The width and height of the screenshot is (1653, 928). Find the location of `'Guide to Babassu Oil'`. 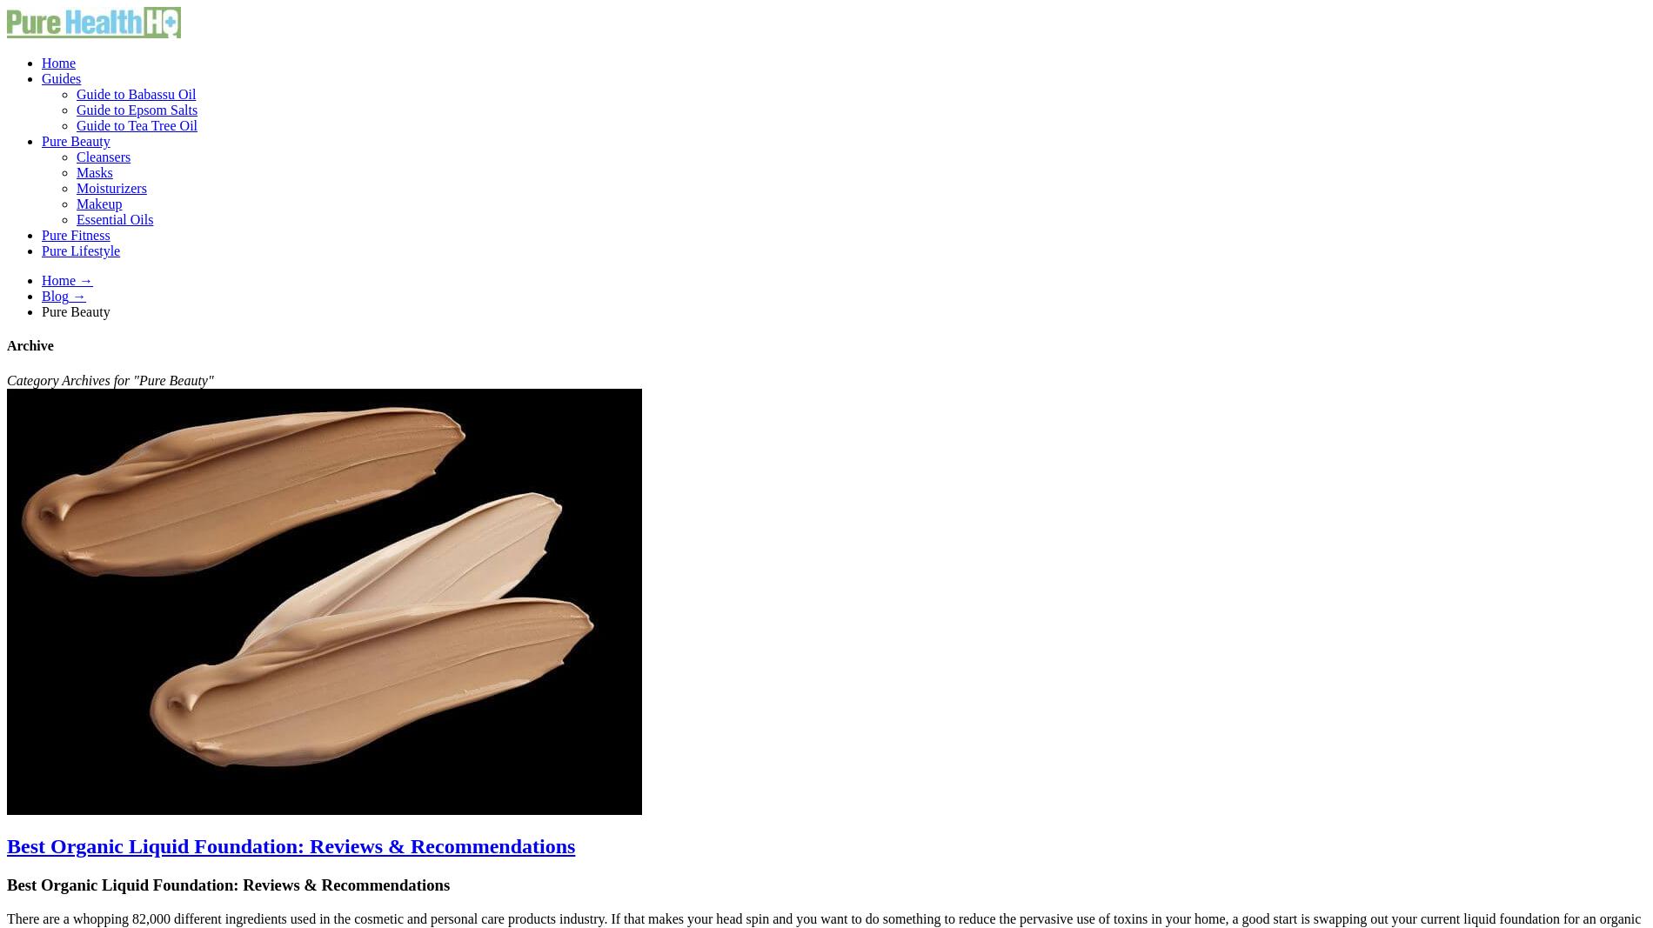

'Guide to Babassu Oil' is located at coordinates (136, 93).